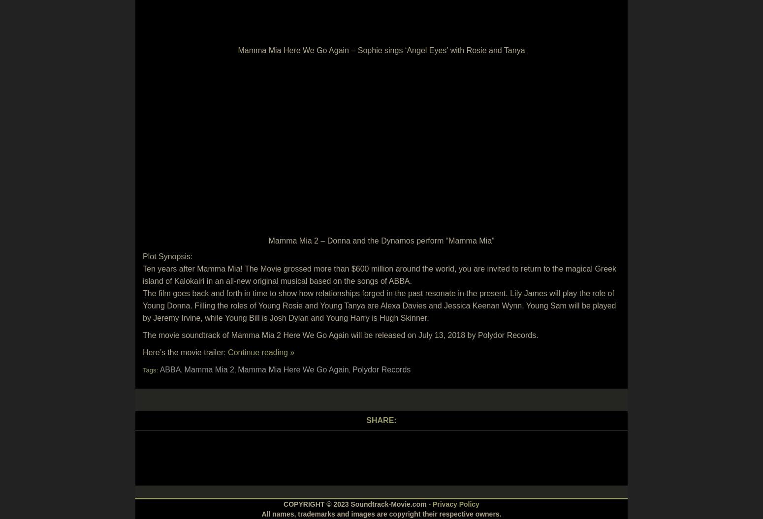  I want to click on 'Privacy Policy', so click(455, 504).